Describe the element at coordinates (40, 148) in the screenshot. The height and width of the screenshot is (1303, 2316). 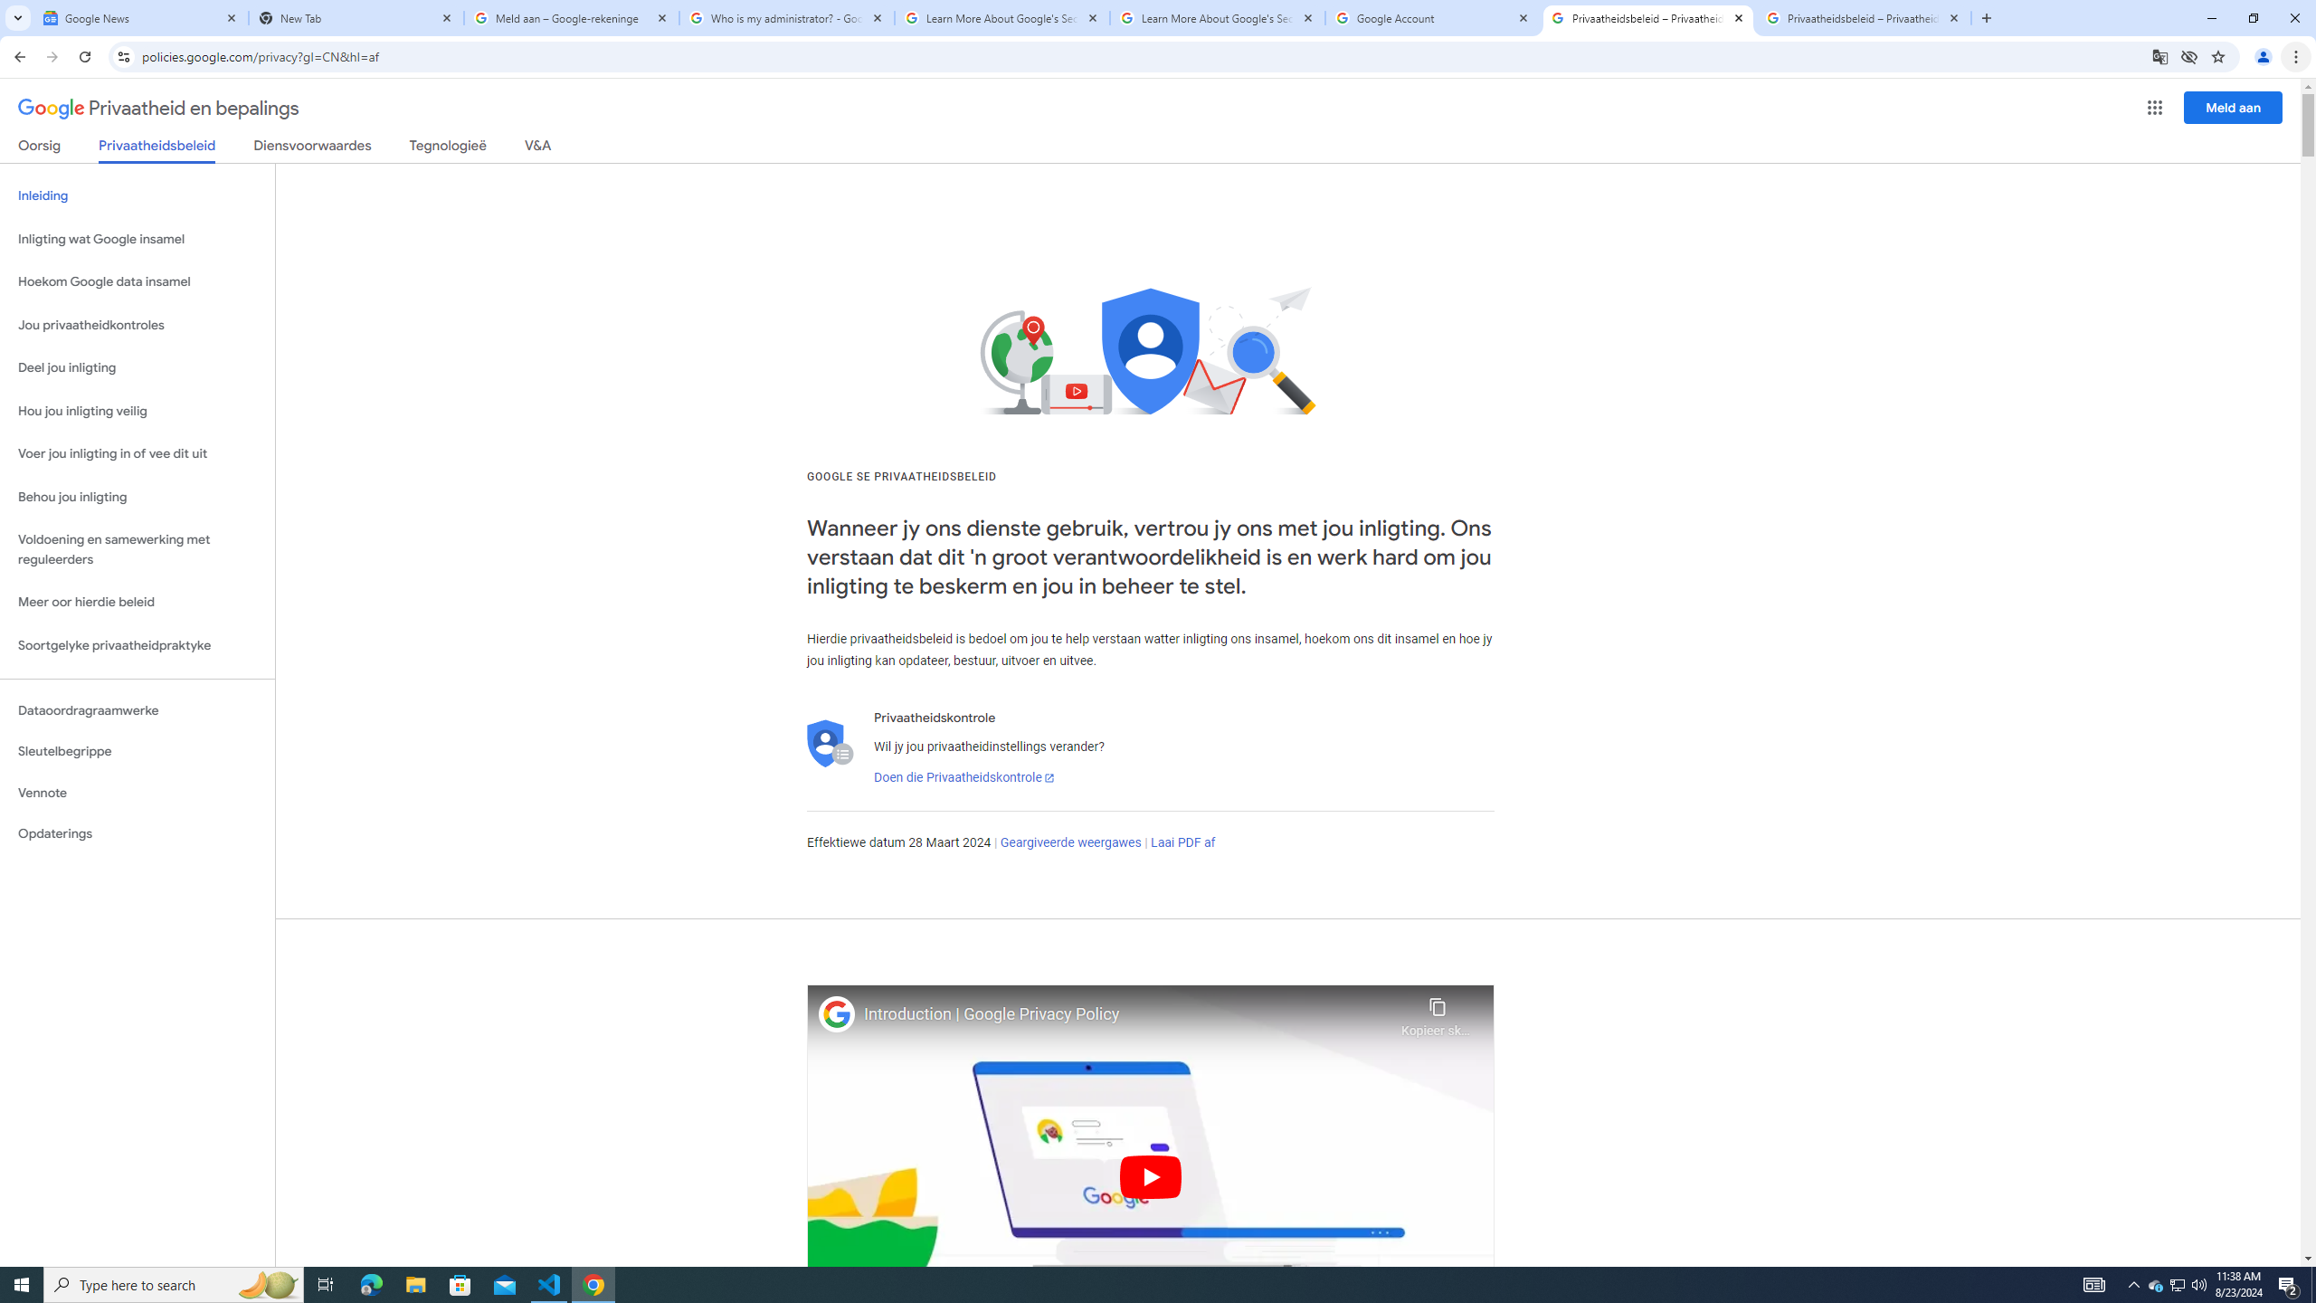
I see `'Oorsig'` at that location.